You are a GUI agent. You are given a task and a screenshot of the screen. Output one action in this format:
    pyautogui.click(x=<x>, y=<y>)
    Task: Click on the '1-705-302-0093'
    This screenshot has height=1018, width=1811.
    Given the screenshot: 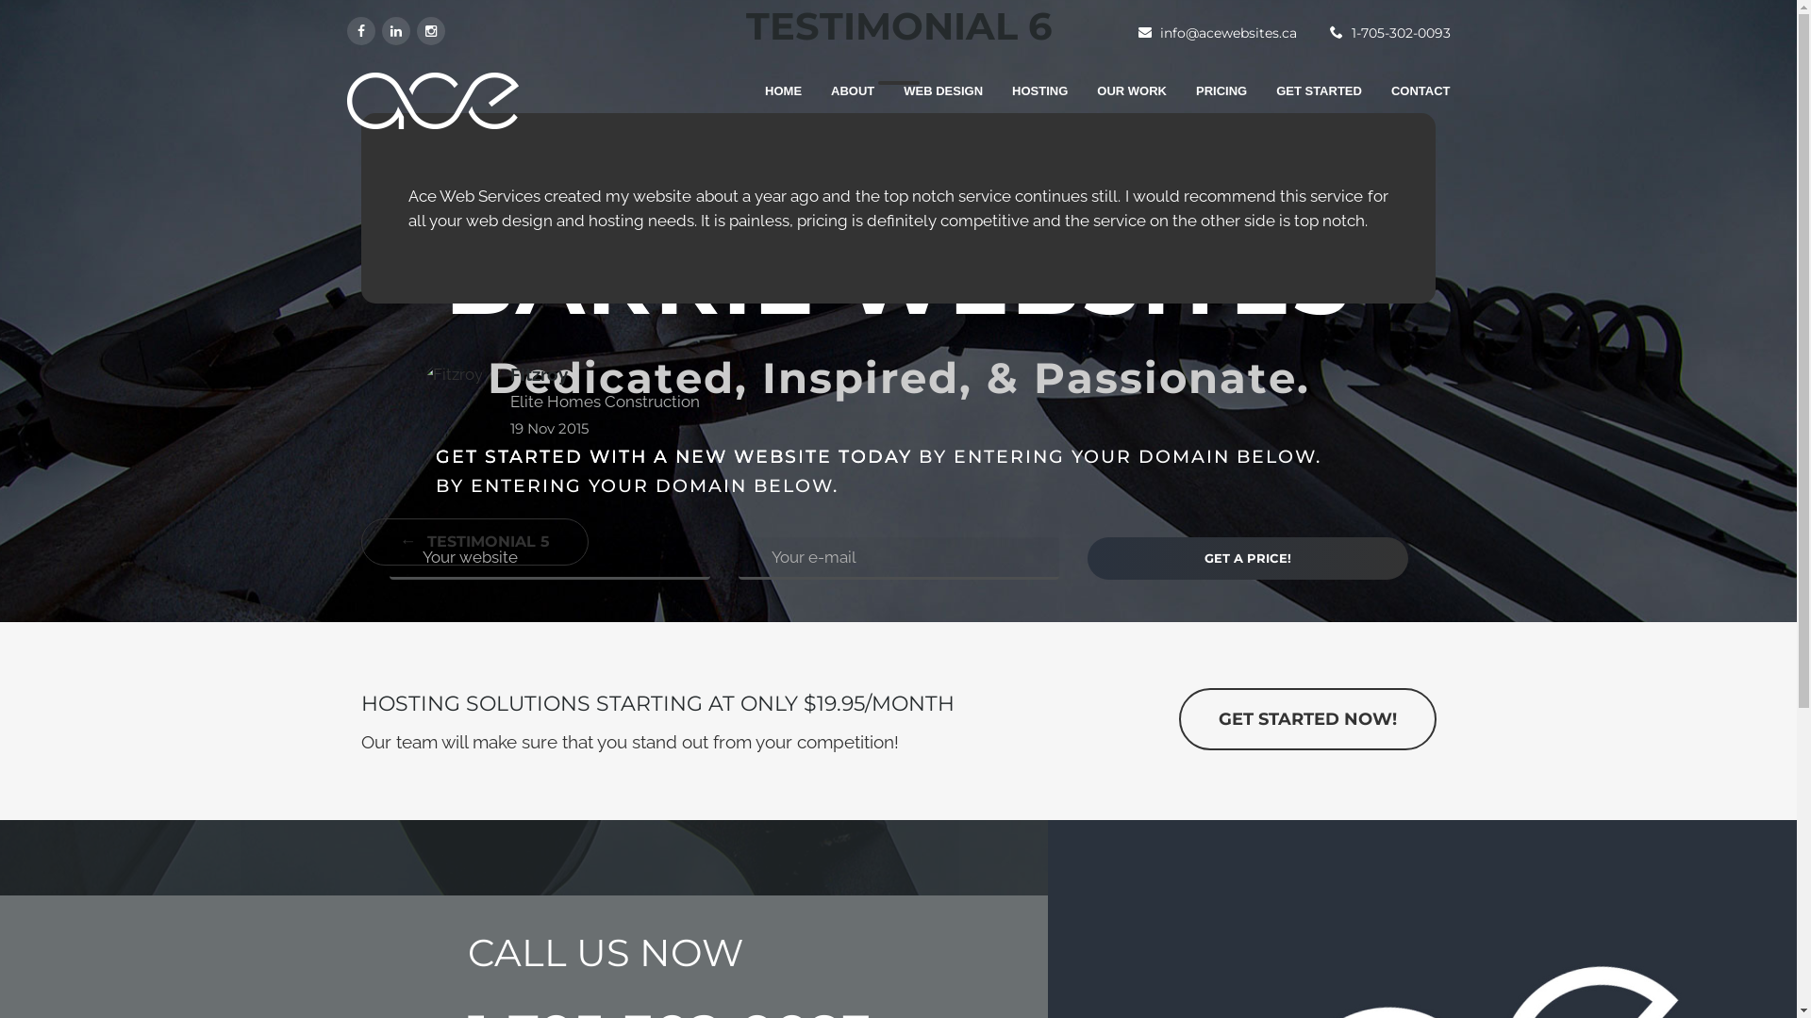 What is the action you would take?
    pyautogui.click(x=1349, y=32)
    